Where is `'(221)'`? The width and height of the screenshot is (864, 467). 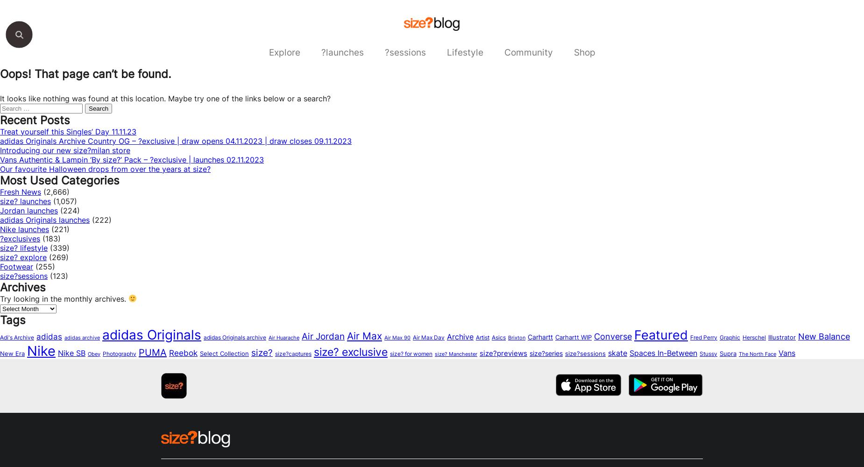
'(221)' is located at coordinates (49, 228).